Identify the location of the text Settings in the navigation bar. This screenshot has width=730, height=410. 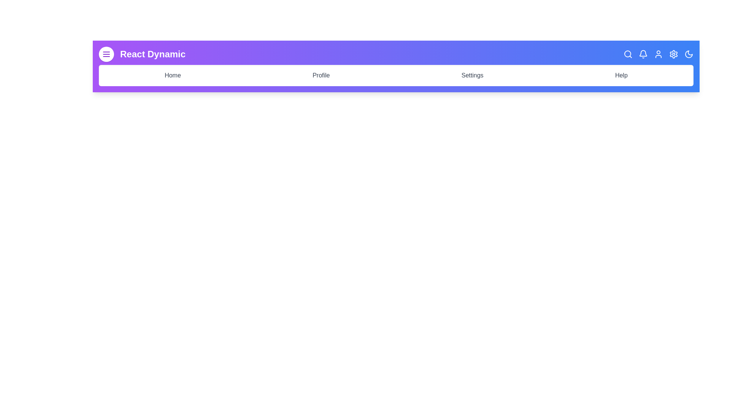
(472, 76).